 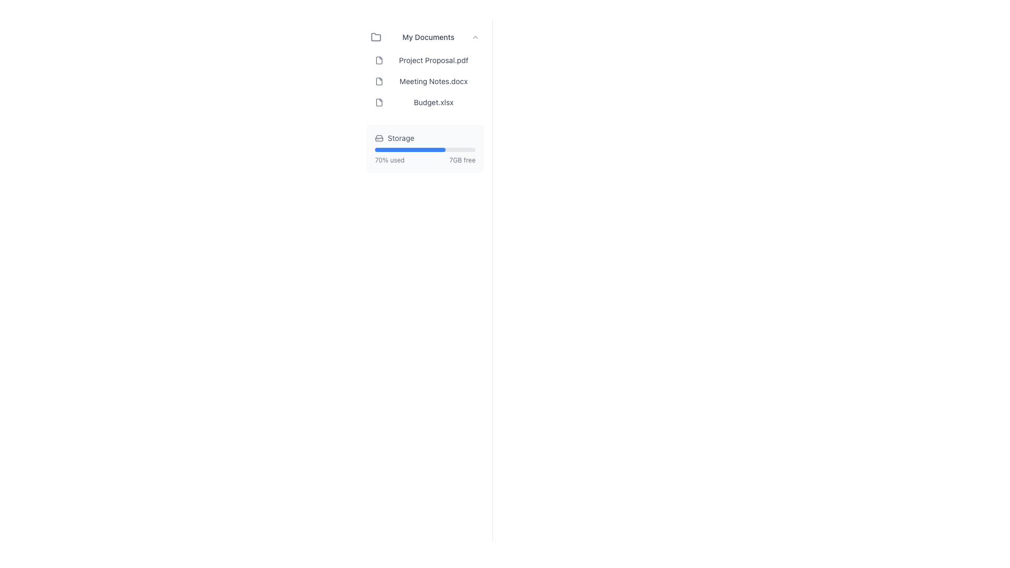 I want to click on the file list item labeled 'Budget.xlsx', so click(x=427, y=103).